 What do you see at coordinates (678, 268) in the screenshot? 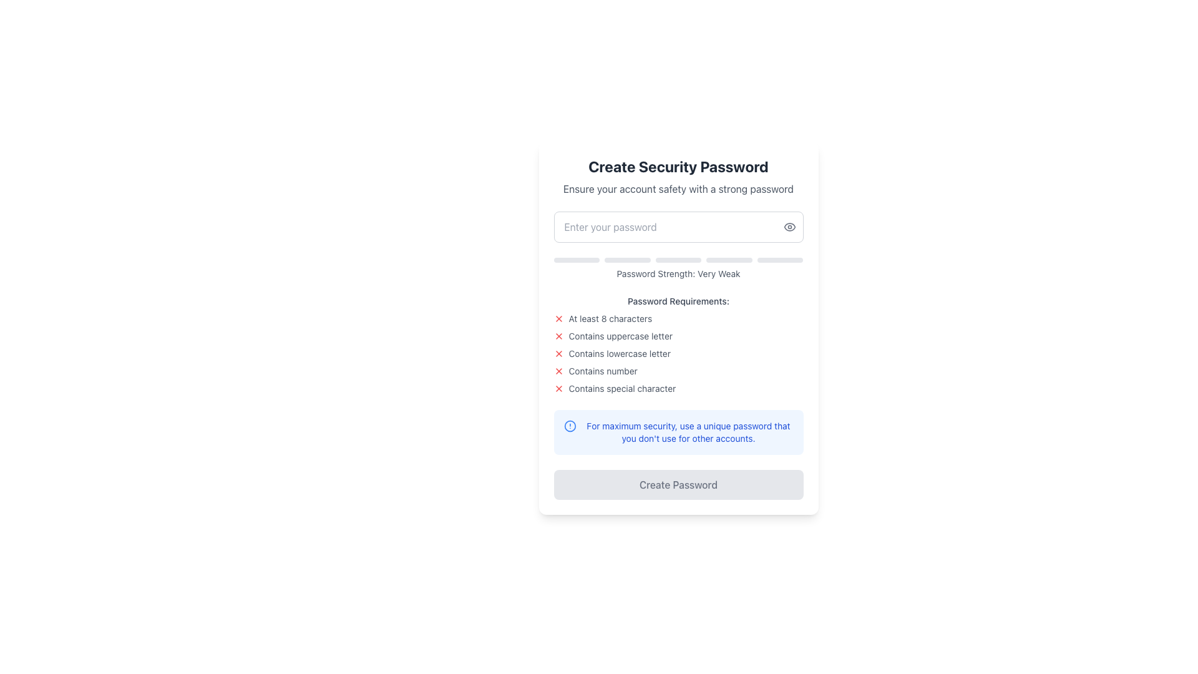
I see `the password strength indicator text label, which is centrally aligned below the password input field and above the password requirements description` at bounding box center [678, 268].